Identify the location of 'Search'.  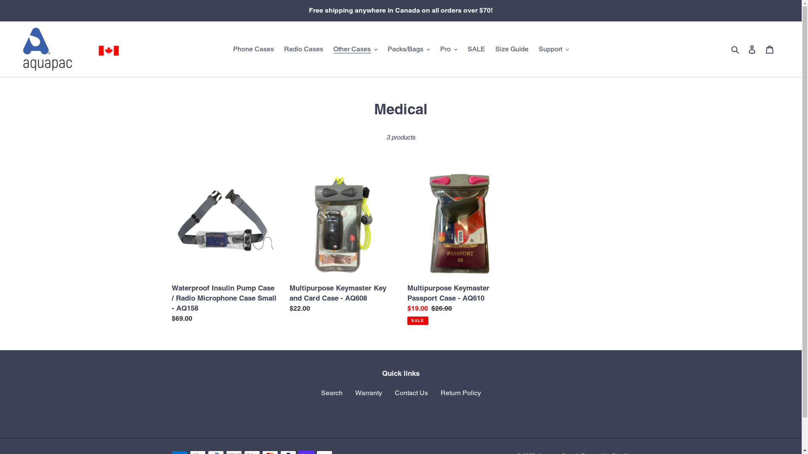
(735, 49).